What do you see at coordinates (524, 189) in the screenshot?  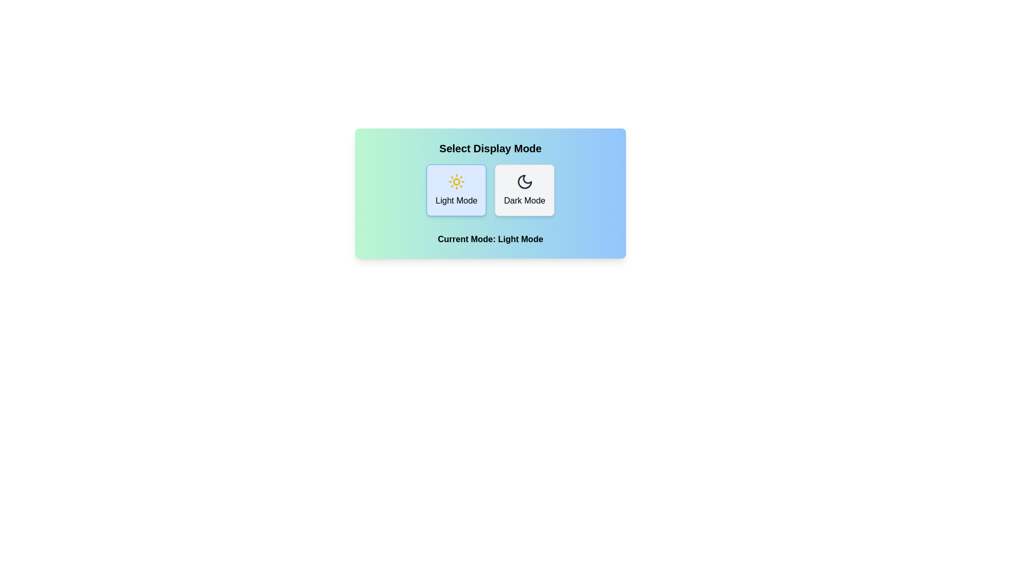 I see `the button labeled Dark Mode` at bounding box center [524, 189].